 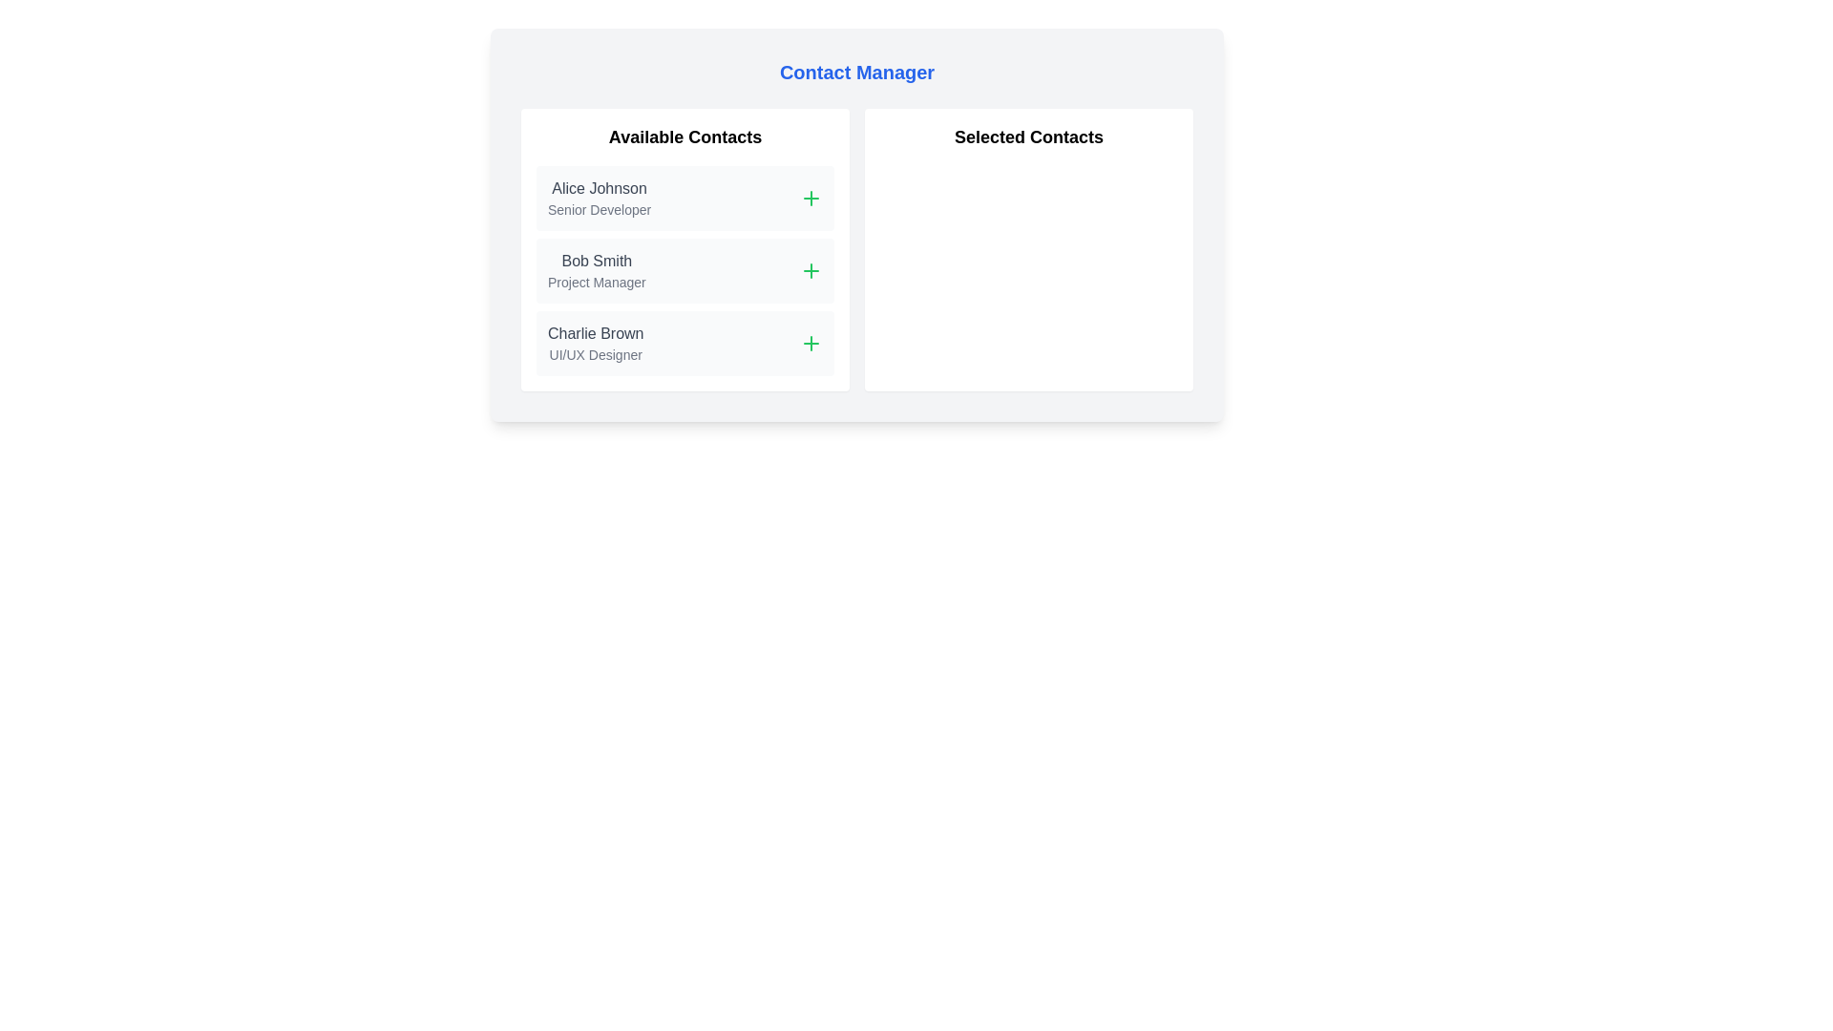 I want to click on the text label displaying the name of a contact in the 'Available Contacts' list, which is the third item above the 'UI/UX Designer' label, so click(x=595, y=333).